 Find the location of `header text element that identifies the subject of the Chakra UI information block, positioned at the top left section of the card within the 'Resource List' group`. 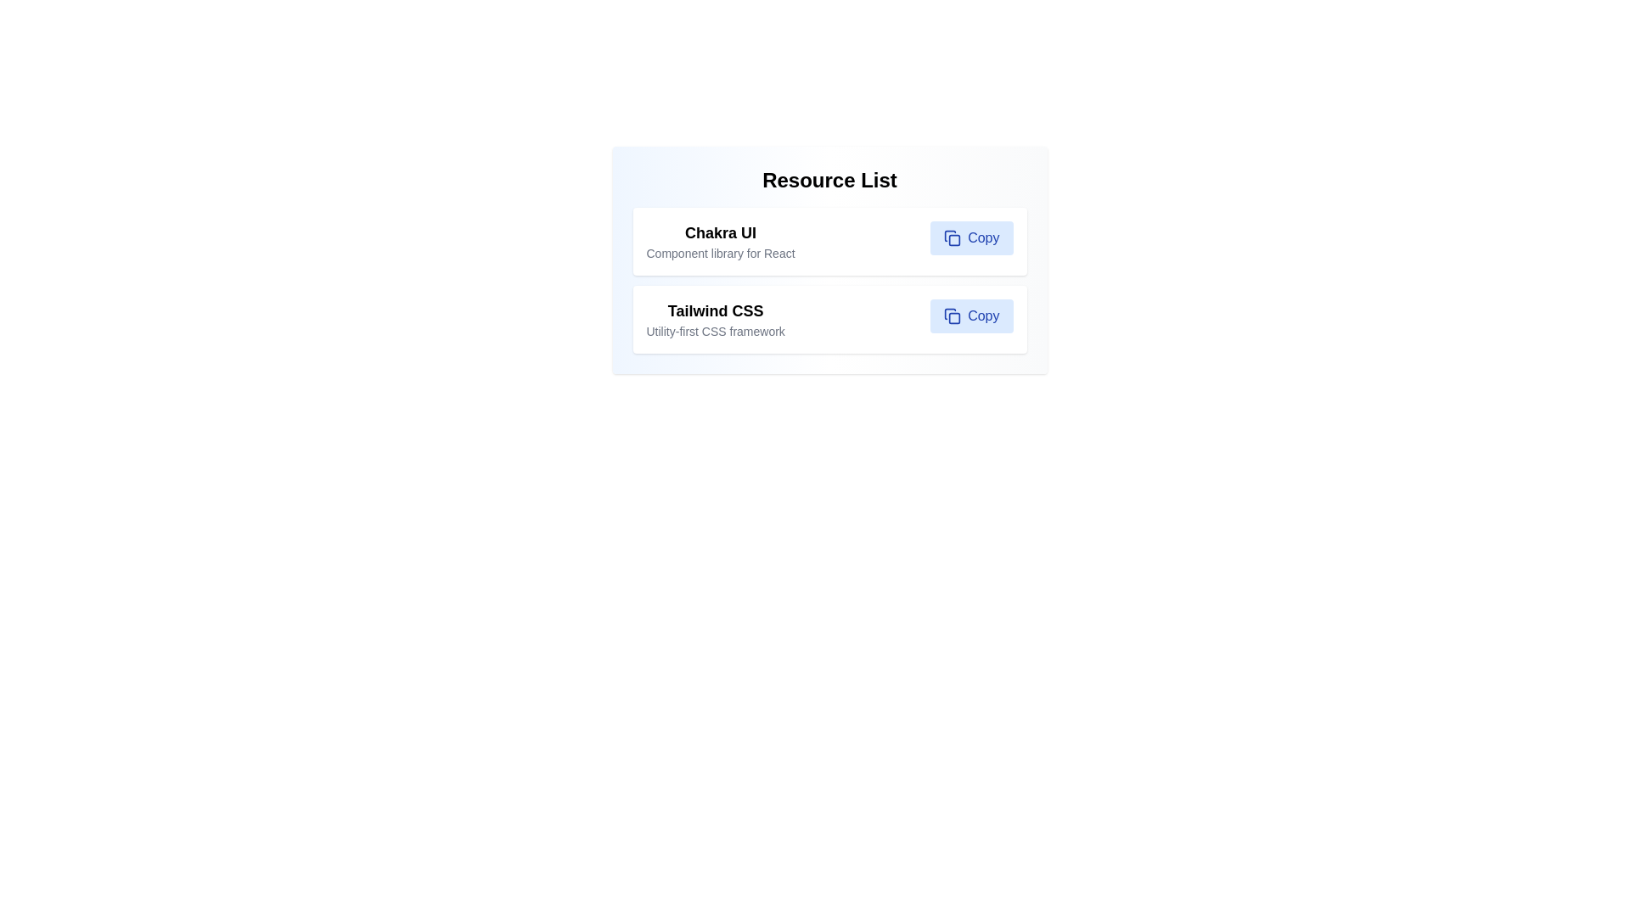

header text element that identifies the subject of the Chakra UI information block, positioned at the top left section of the card within the 'Resource List' group is located at coordinates (721, 232).